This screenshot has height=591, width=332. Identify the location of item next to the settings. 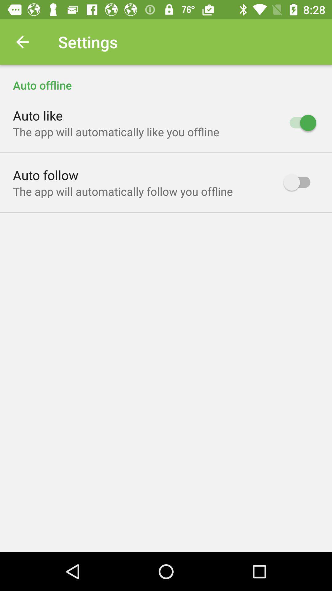
(22, 42).